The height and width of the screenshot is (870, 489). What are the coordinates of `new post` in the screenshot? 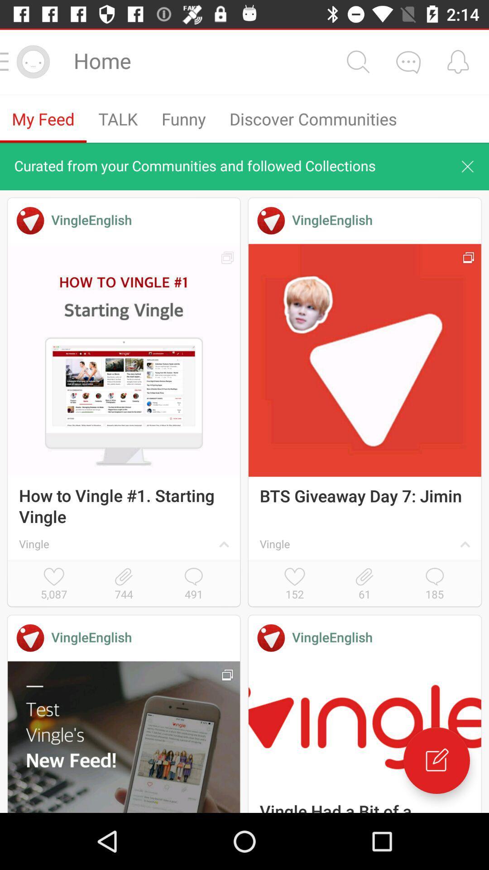 It's located at (436, 760).